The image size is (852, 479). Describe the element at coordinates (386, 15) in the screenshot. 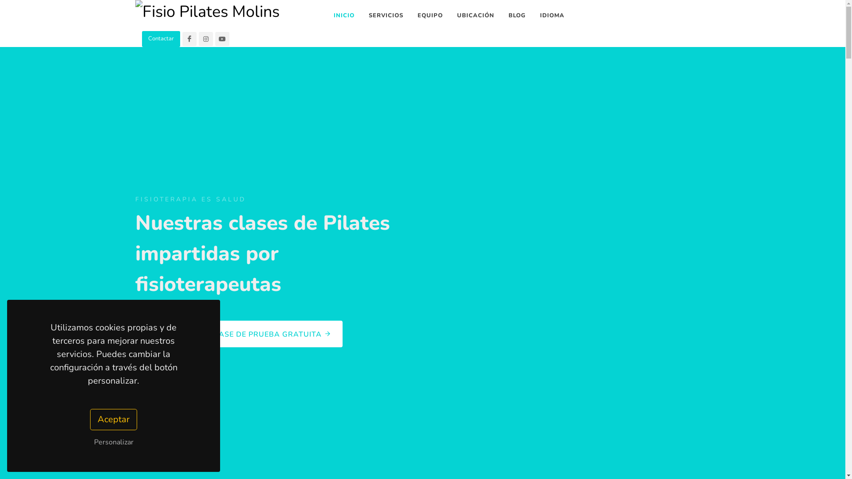

I see `'SERVICIOS'` at that location.